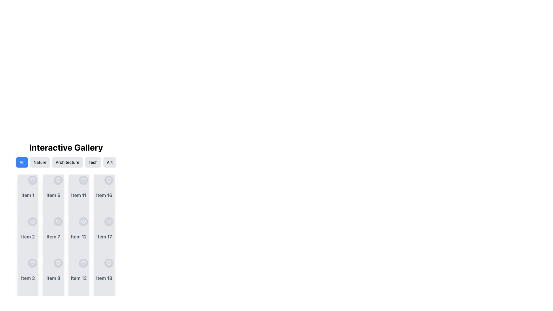 This screenshot has height=311, width=553. Describe the element at coordinates (83, 180) in the screenshot. I see `the heart-shaped icon located inside the gray circular button` at that location.